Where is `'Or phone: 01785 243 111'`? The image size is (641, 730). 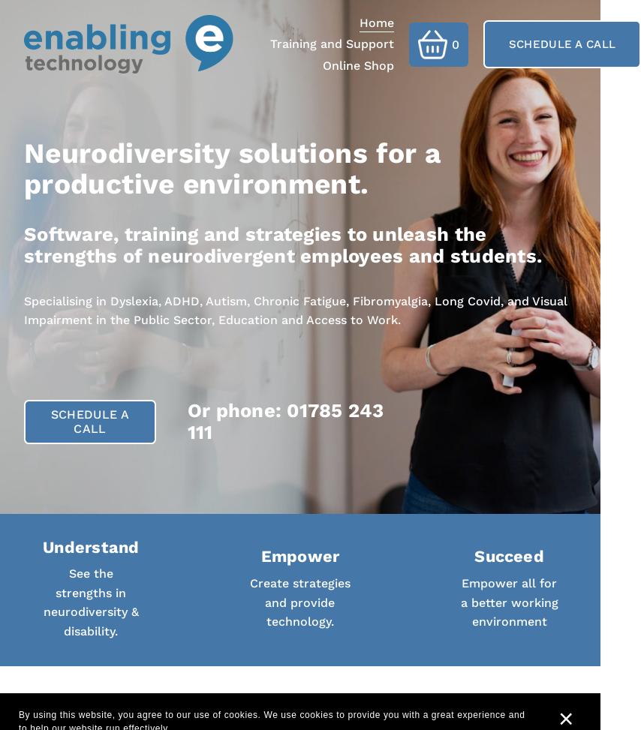 'Or phone: 01785 243 111' is located at coordinates (186, 421).